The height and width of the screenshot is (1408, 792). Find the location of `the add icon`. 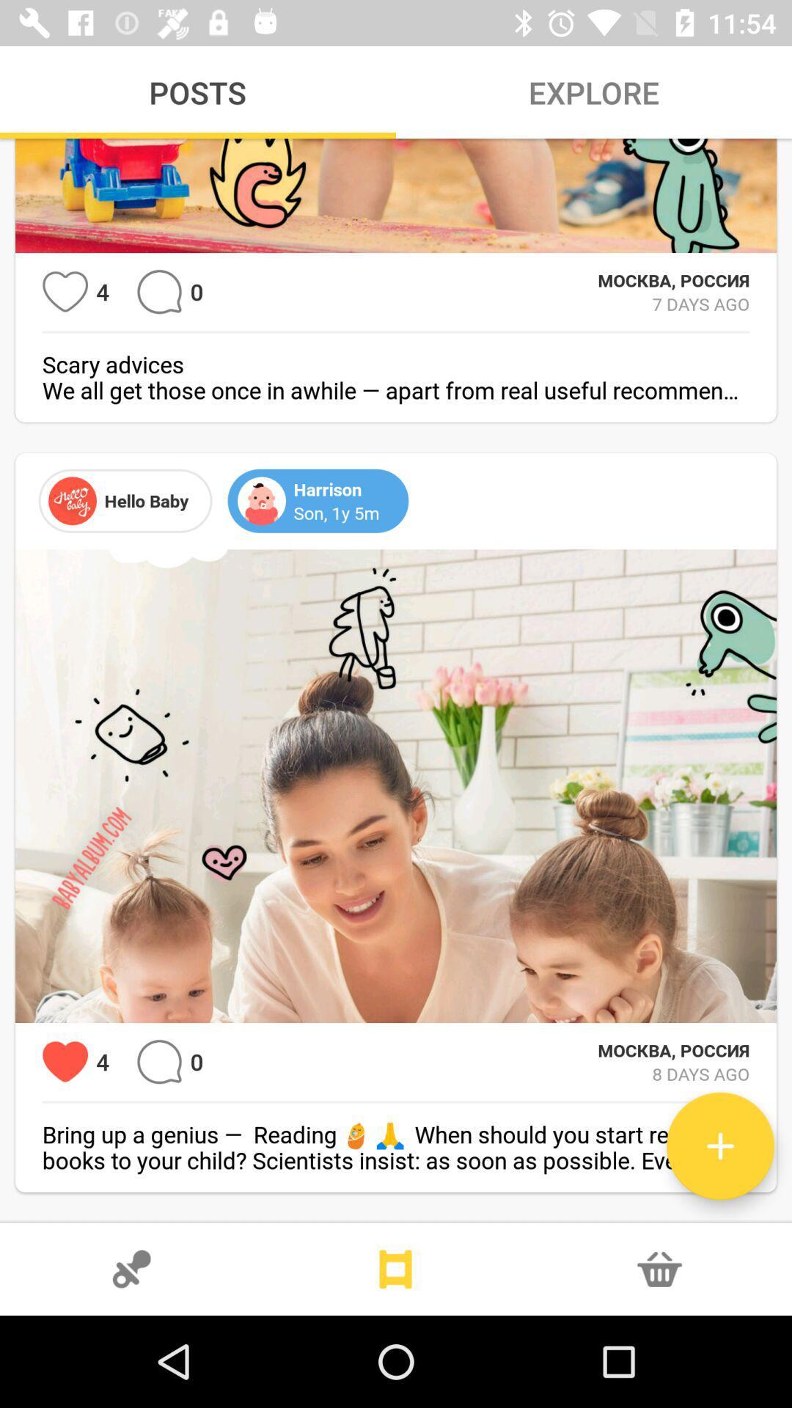

the add icon is located at coordinates (719, 1145).